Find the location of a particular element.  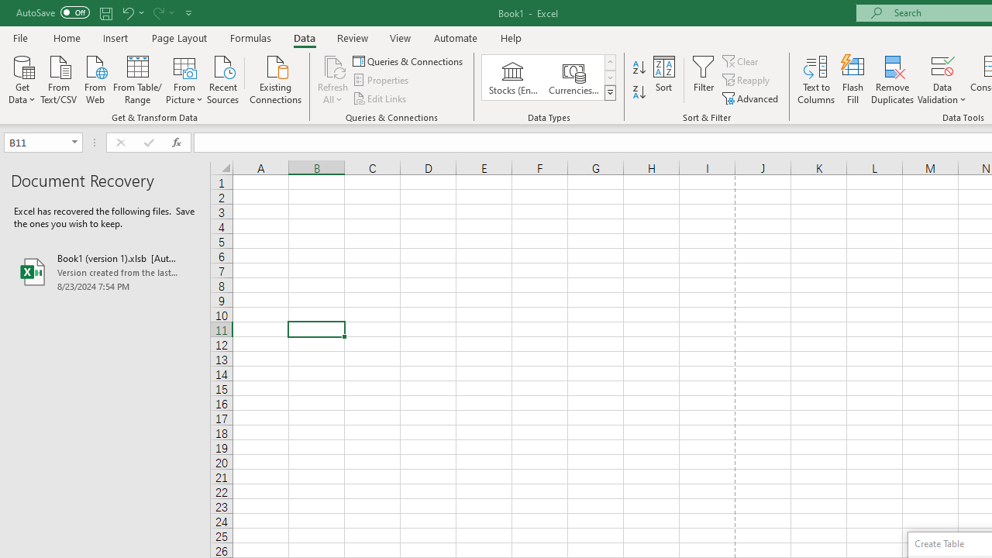

'AutoSave' is located at coordinates (53, 12).